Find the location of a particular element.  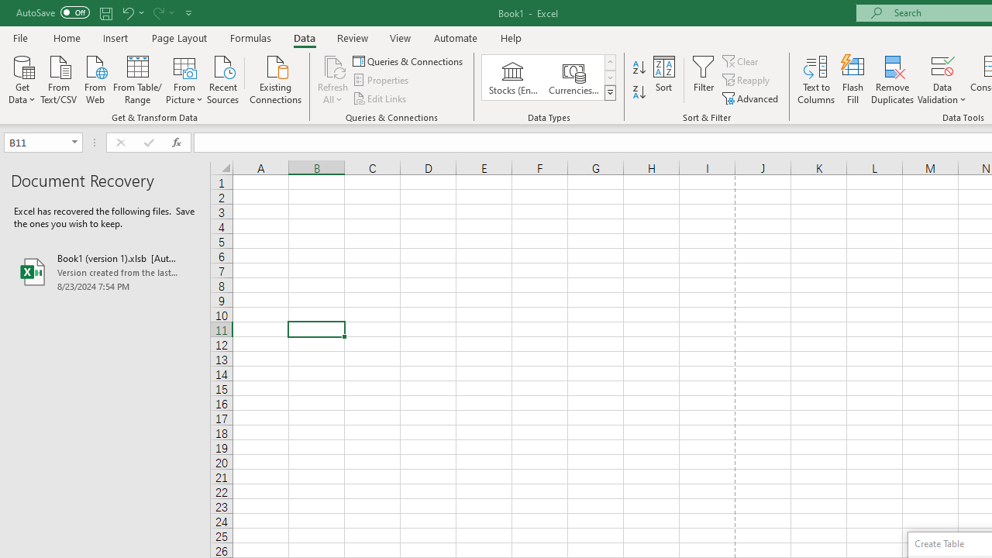

'AutoSave' is located at coordinates (53, 12).